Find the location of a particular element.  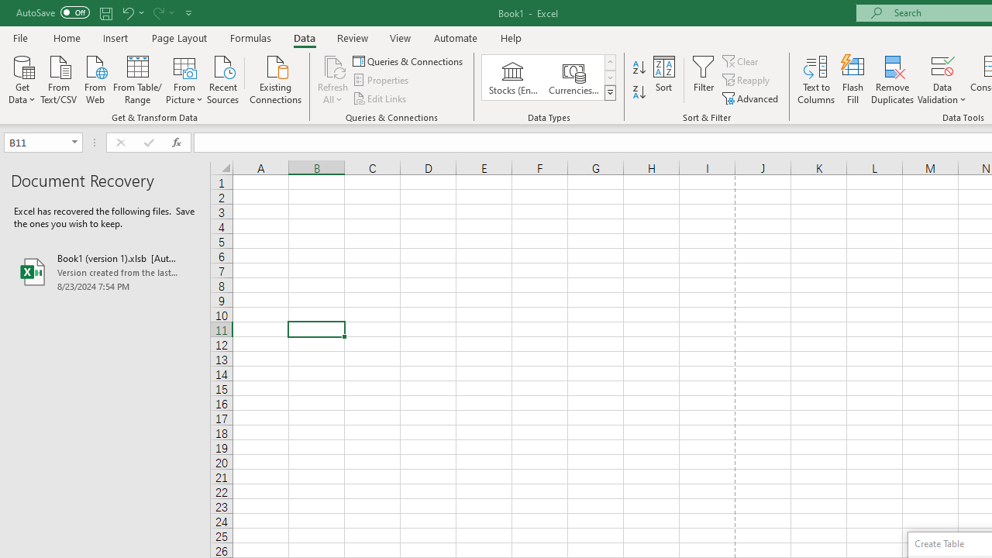

'AutoSave' is located at coordinates (53, 12).